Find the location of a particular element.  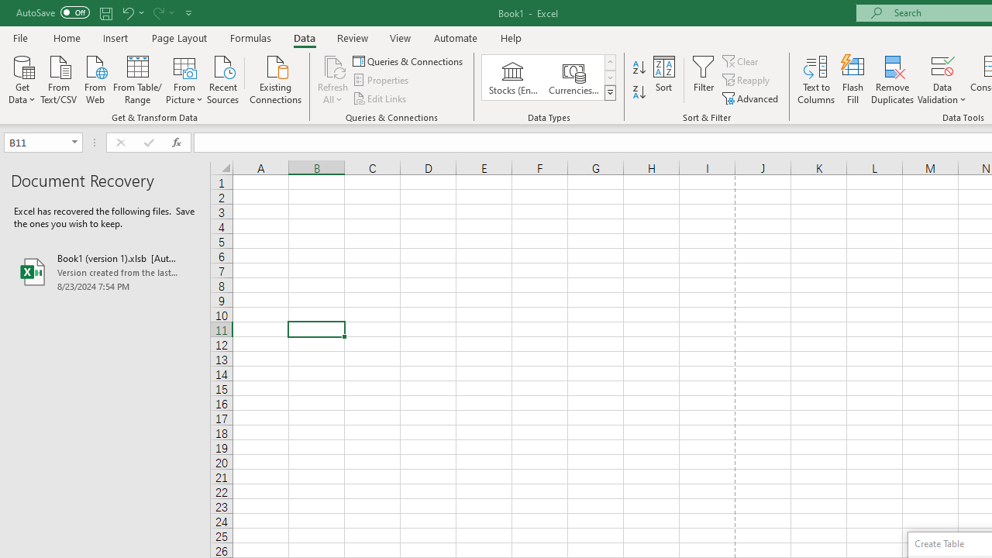

'AutoSave' is located at coordinates (53, 12).